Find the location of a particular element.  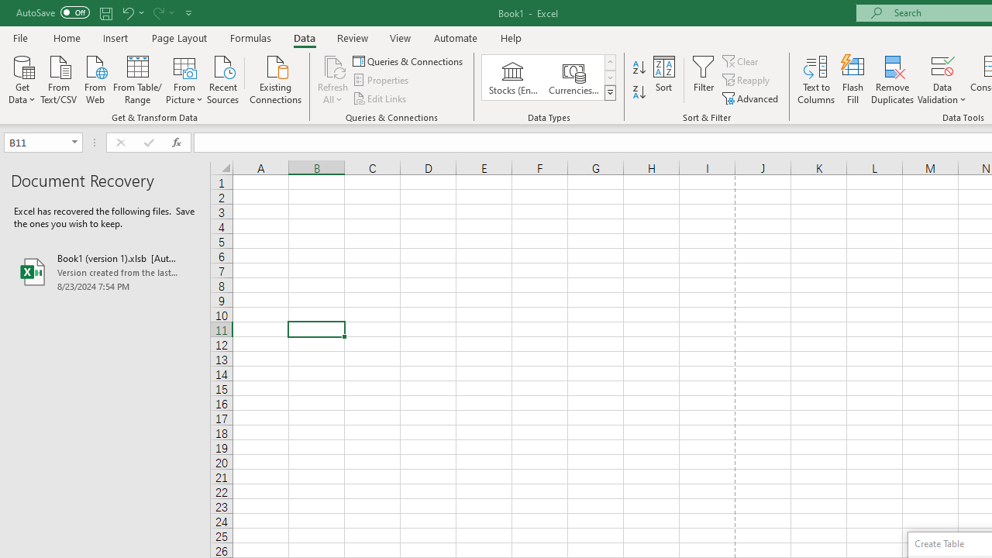

'AutoSave' is located at coordinates (53, 12).